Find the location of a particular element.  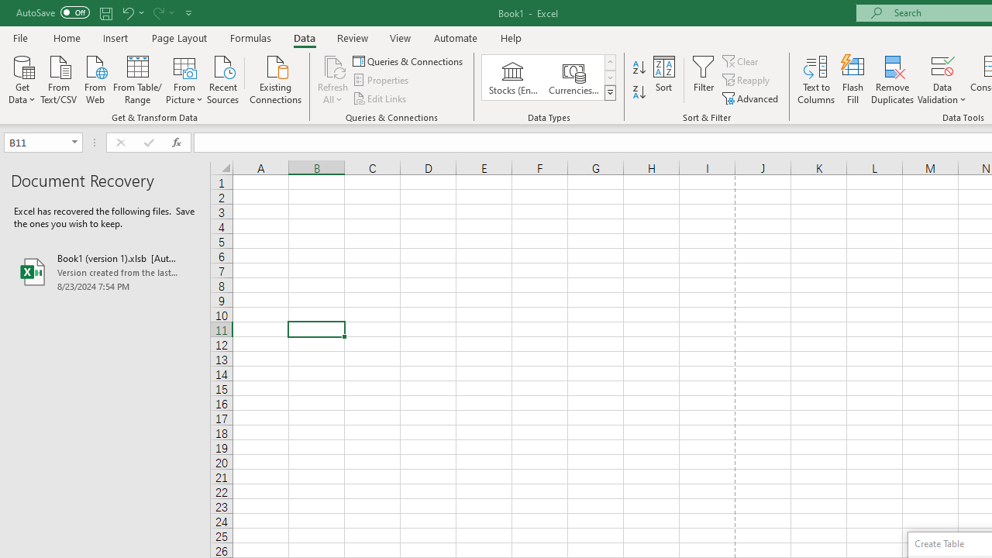

'AutoSave' is located at coordinates (53, 12).